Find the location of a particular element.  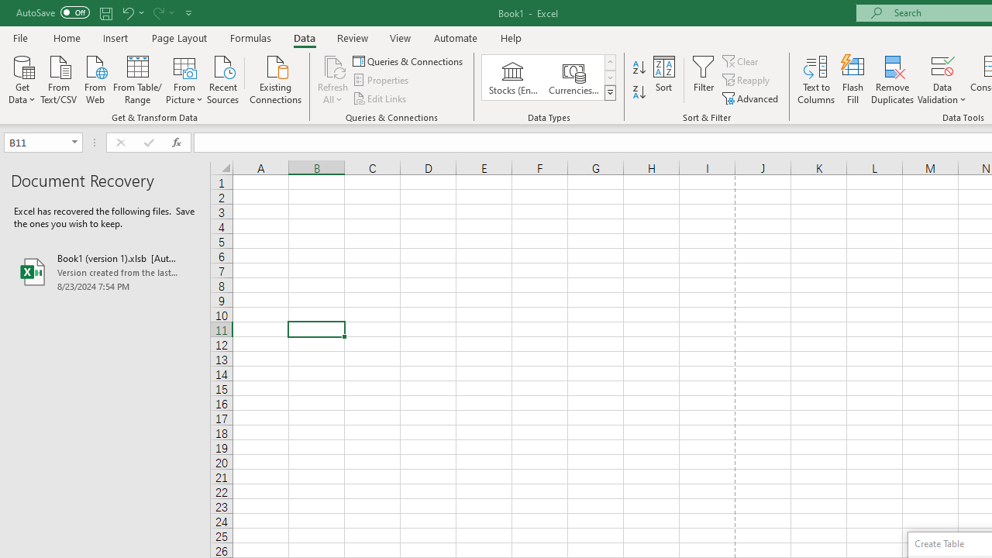

'AutoSave' is located at coordinates (53, 12).